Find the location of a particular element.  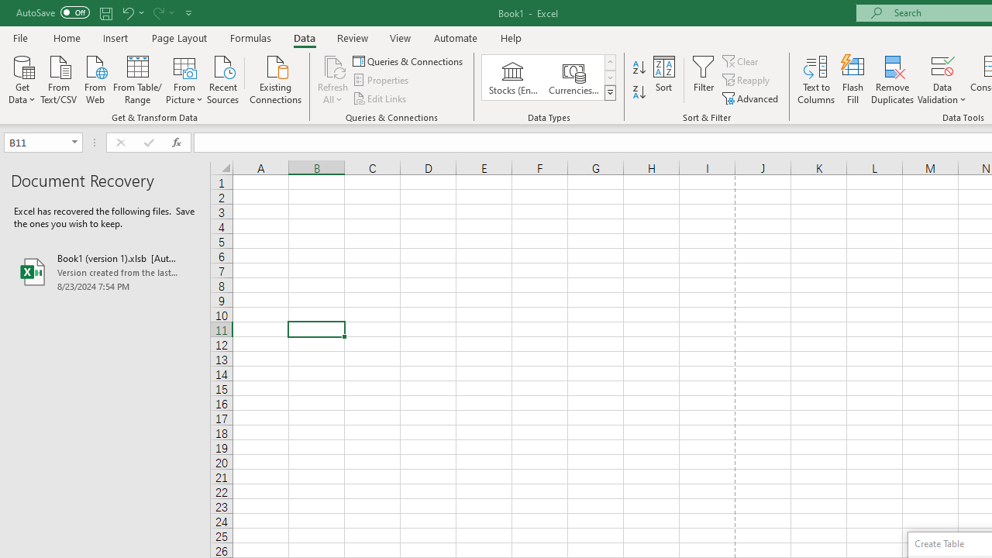

'AutoSave' is located at coordinates (53, 12).